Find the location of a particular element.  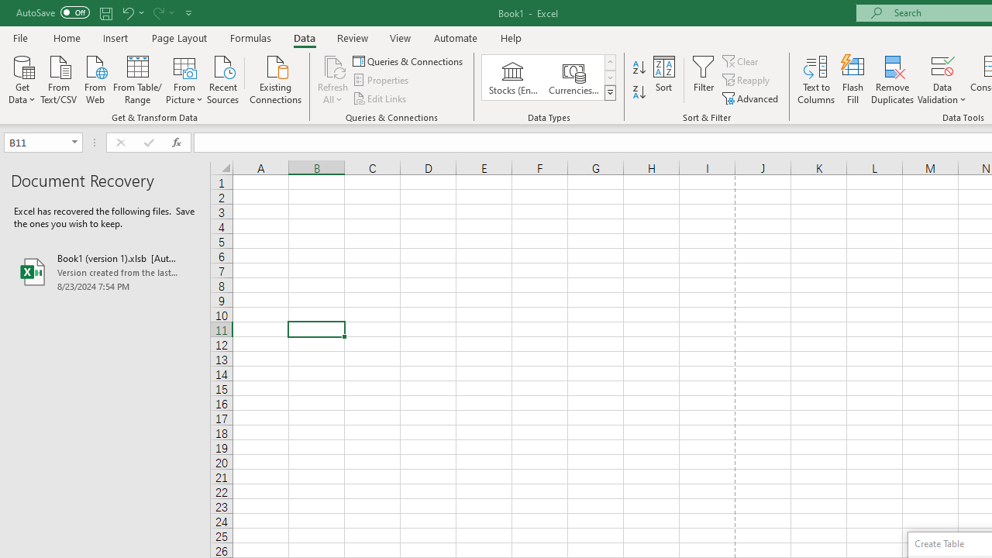

'AutoSave' is located at coordinates (53, 12).